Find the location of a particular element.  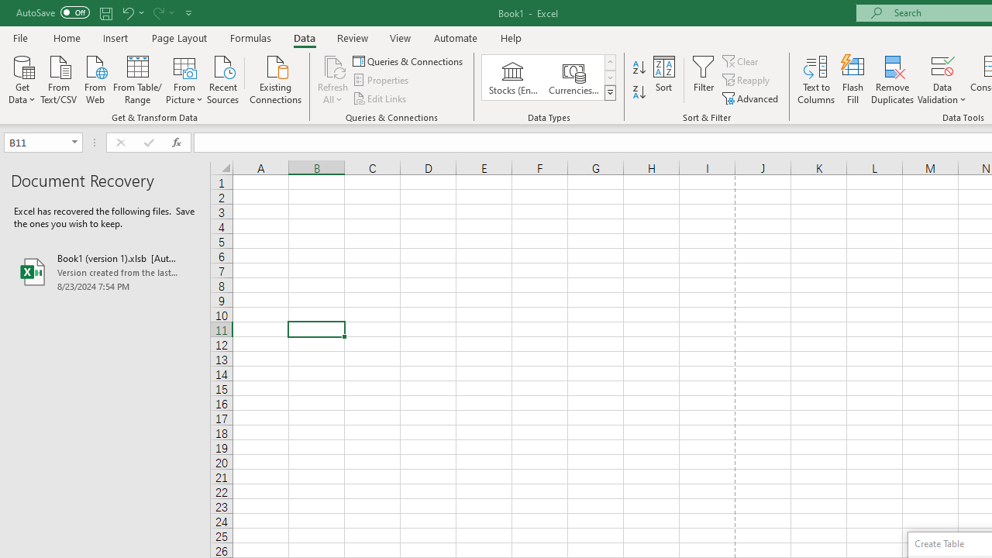

'AutoSave' is located at coordinates (53, 12).